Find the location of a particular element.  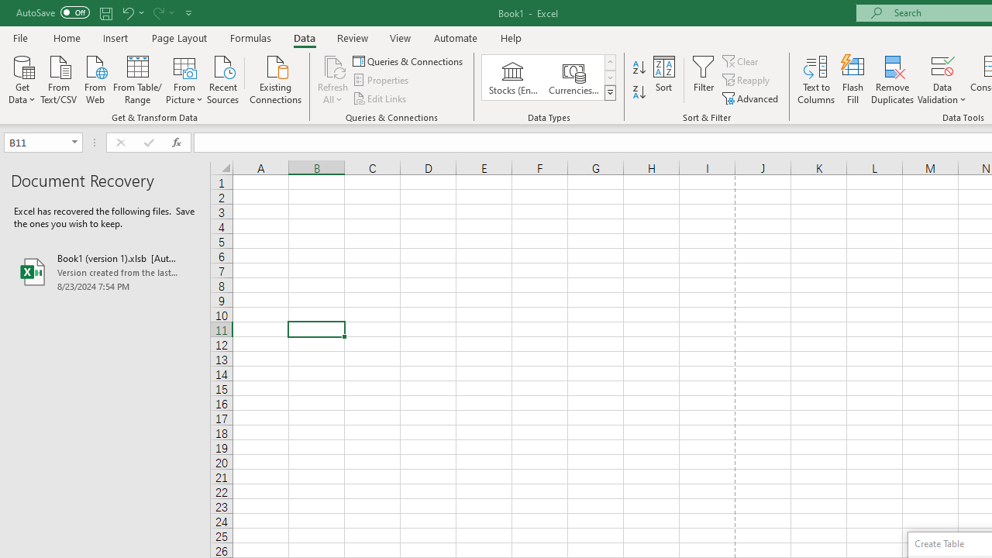

'AutoSave' is located at coordinates (53, 12).